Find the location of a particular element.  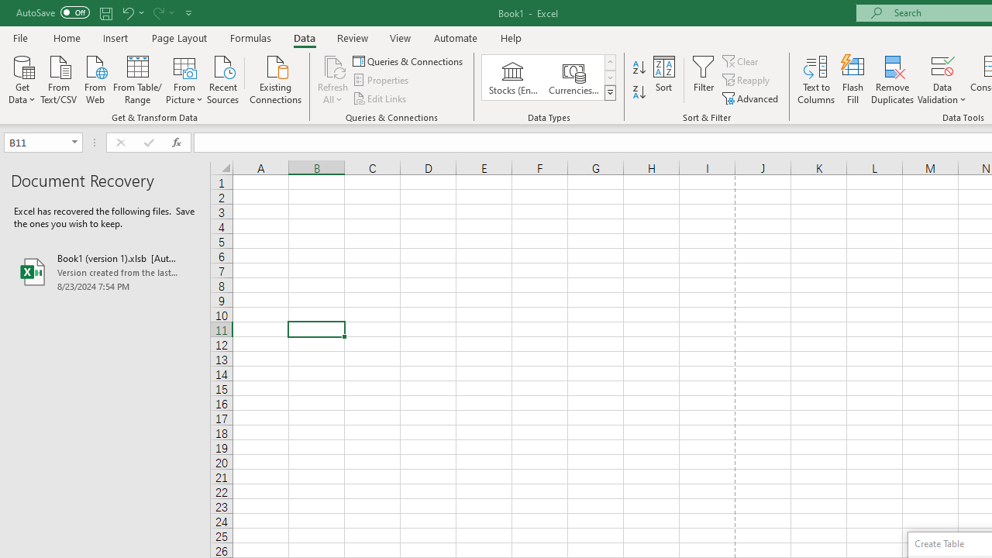

'AutoSave' is located at coordinates (53, 12).